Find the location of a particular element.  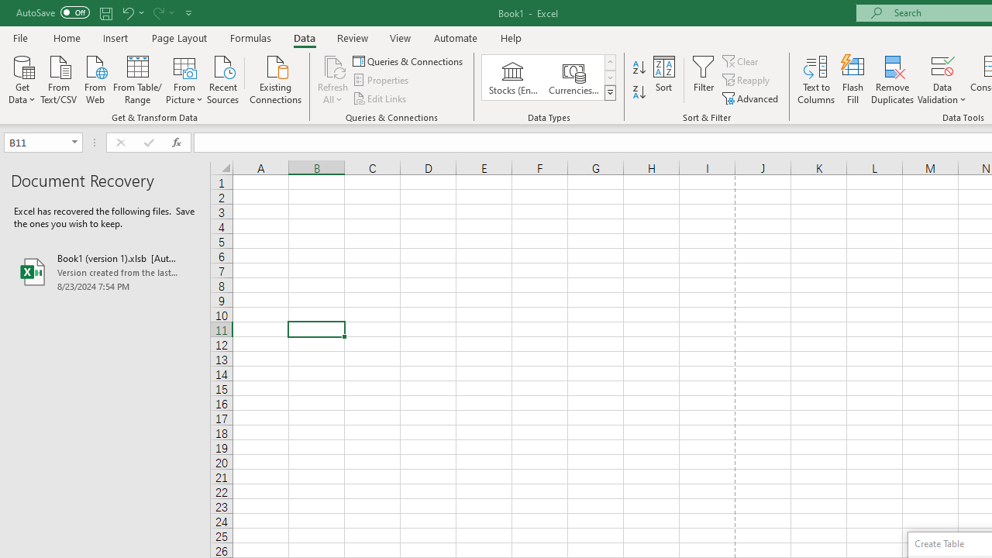

'AutoSave' is located at coordinates (53, 12).